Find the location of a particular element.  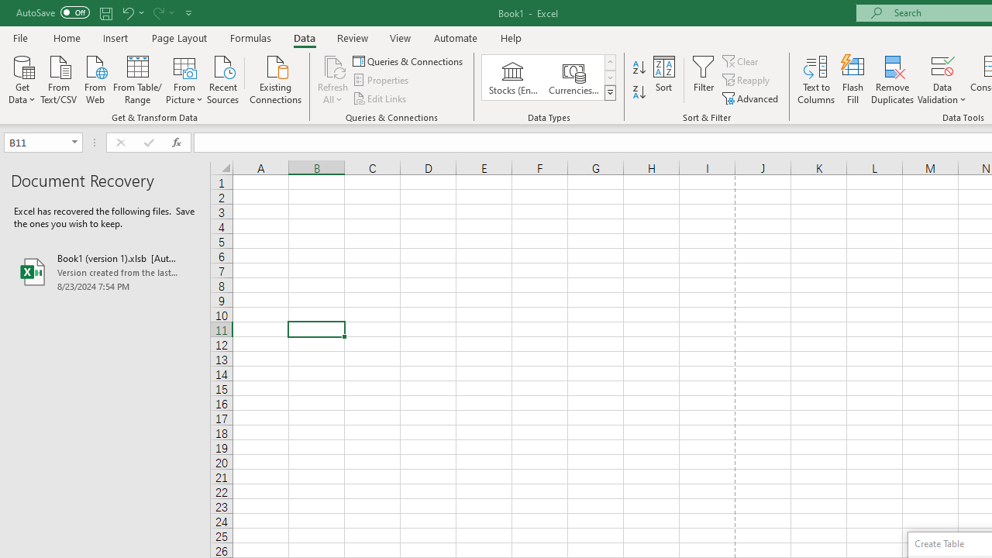

'AutoSave' is located at coordinates (53, 12).